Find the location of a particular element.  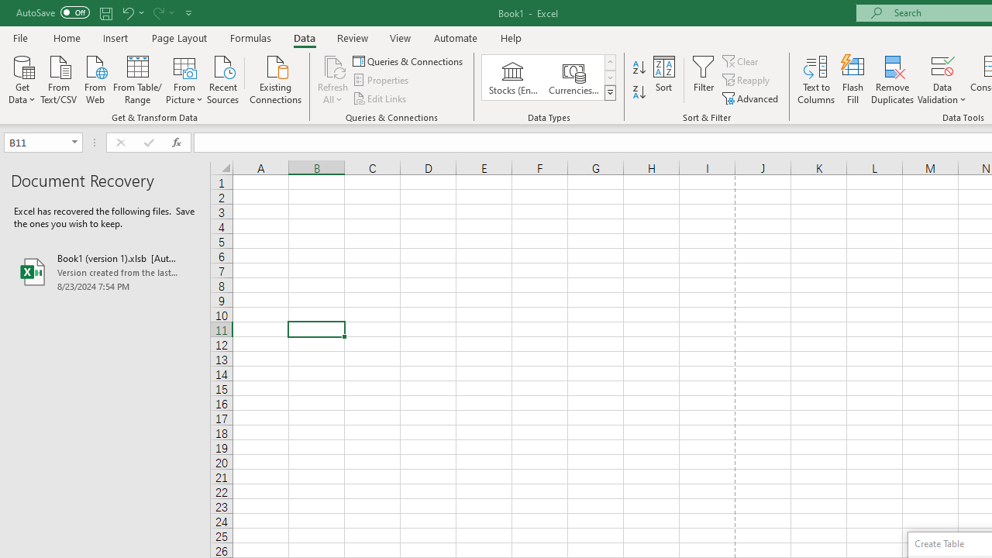

'AutoSave' is located at coordinates (53, 12).